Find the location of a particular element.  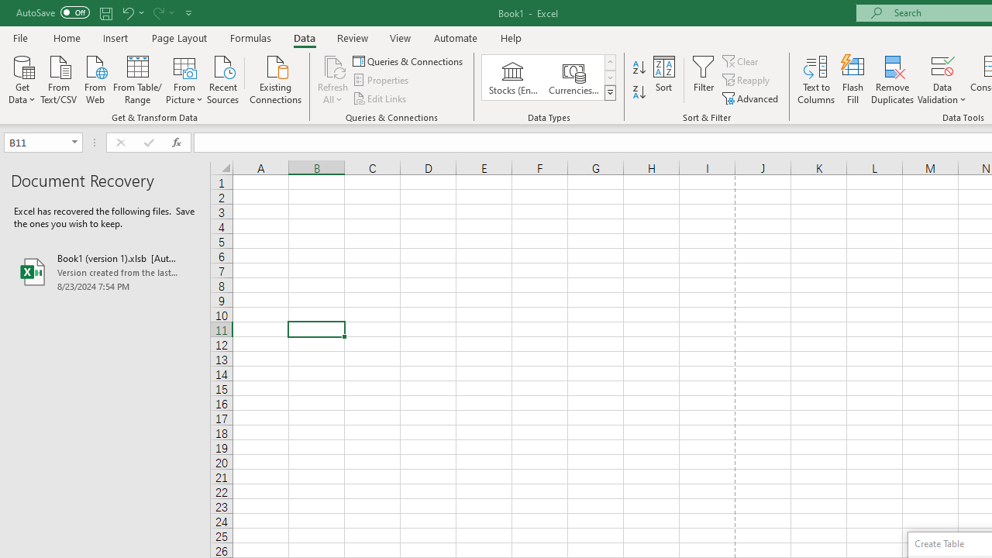

'AutoSave' is located at coordinates (53, 12).